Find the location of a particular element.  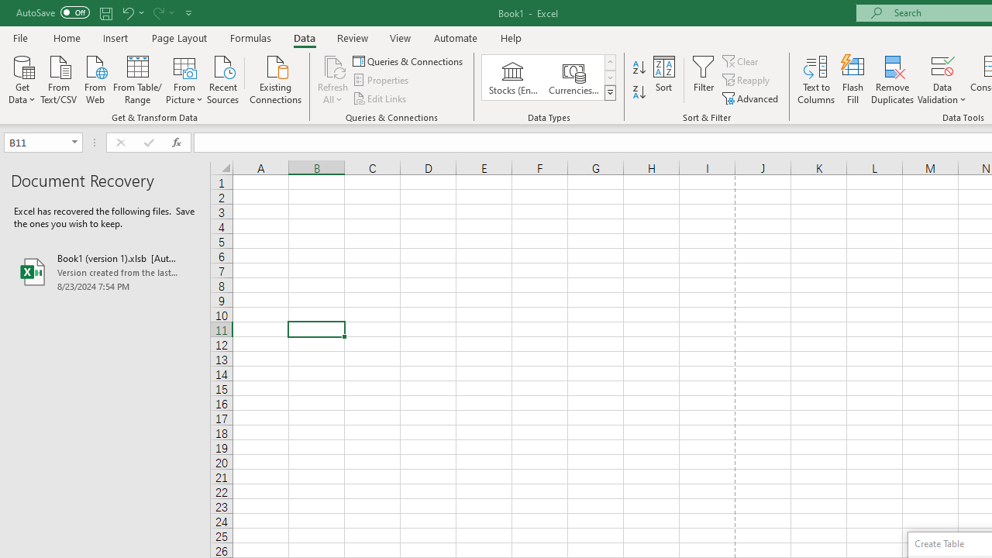

'AutoSave' is located at coordinates (53, 12).